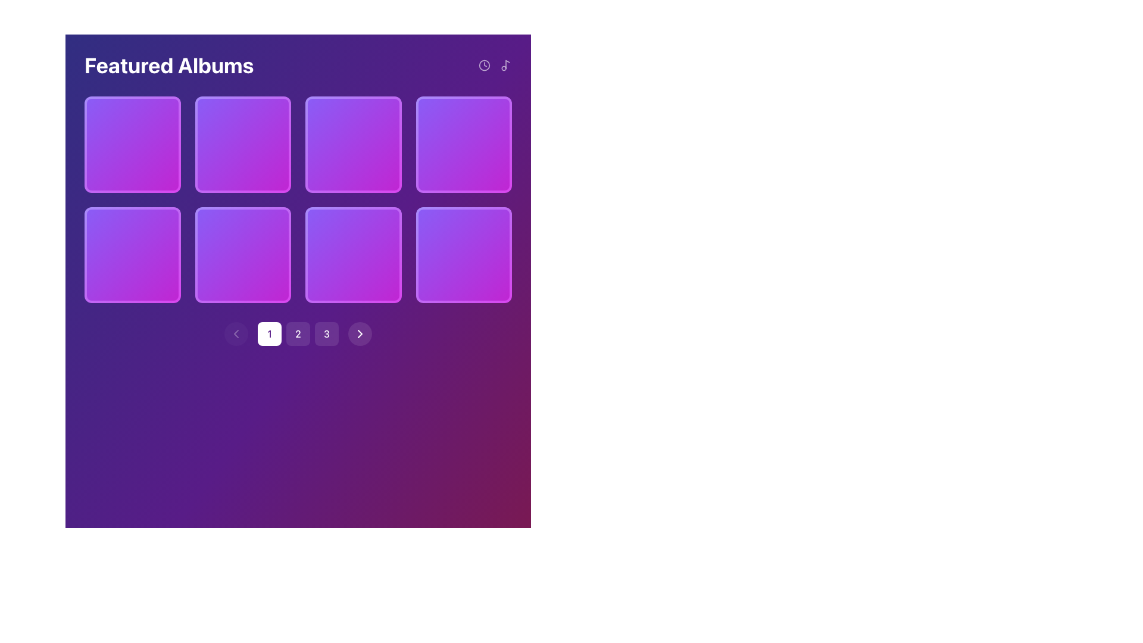 The width and height of the screenshot is (1143, 643). What do you see at coordinates (298, 333) in the screenshot?
I see `the button displaying the number '2' to change its background color` at bounding box center [298, 333].